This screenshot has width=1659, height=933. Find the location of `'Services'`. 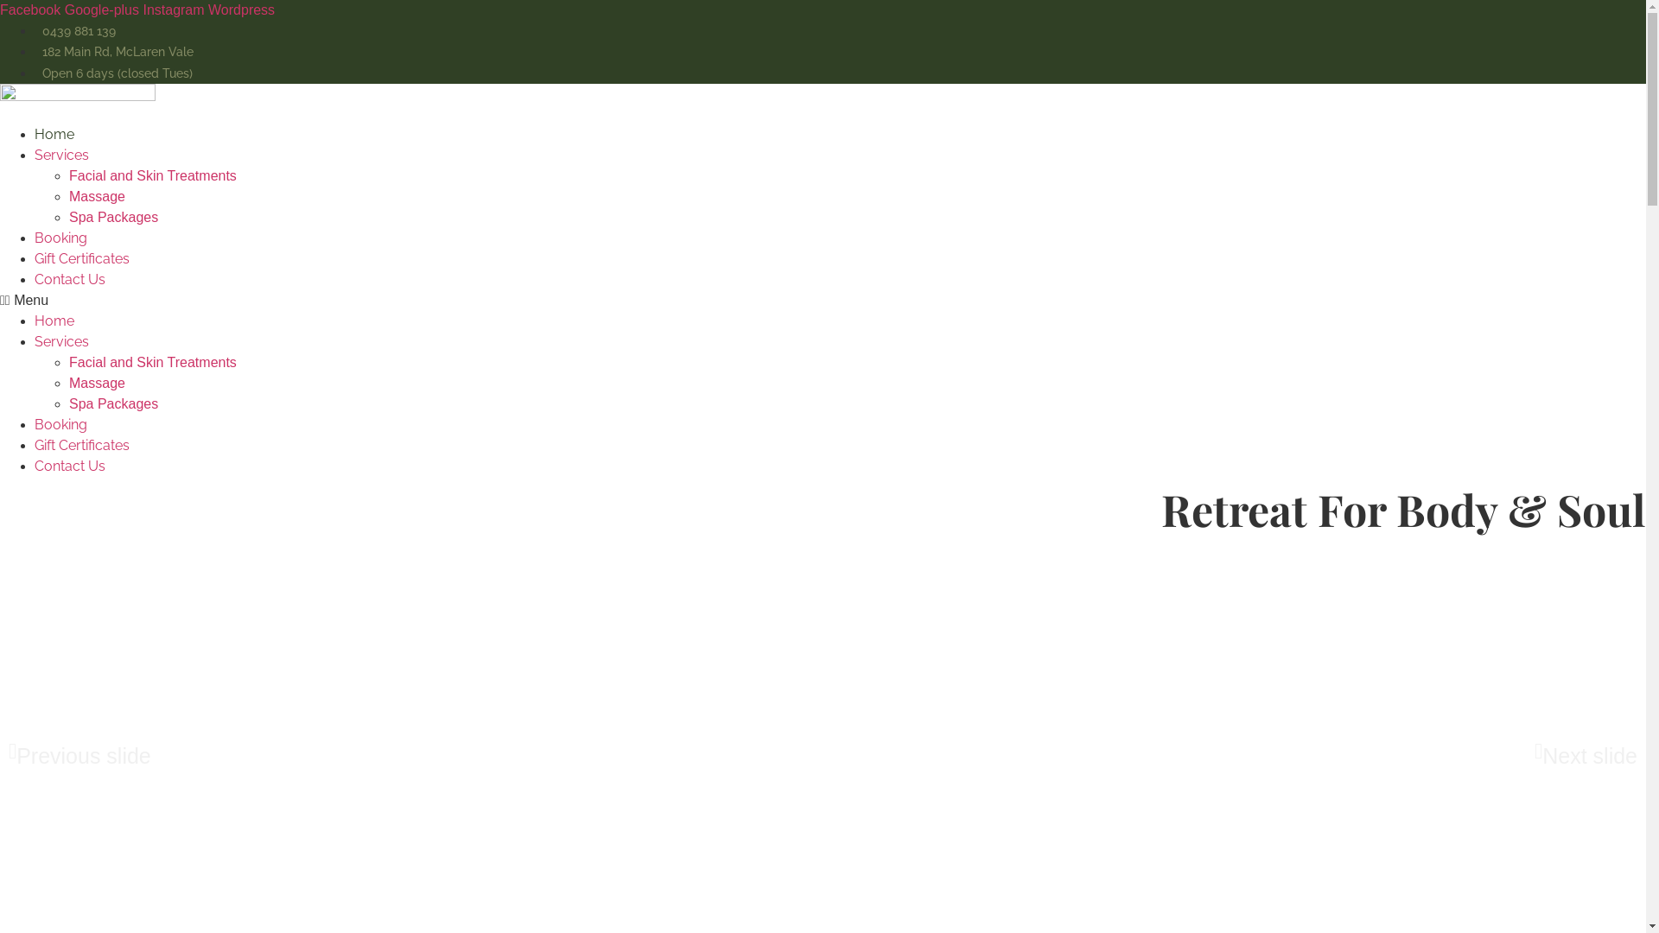

'Services' is located at coordinates (61, 341).